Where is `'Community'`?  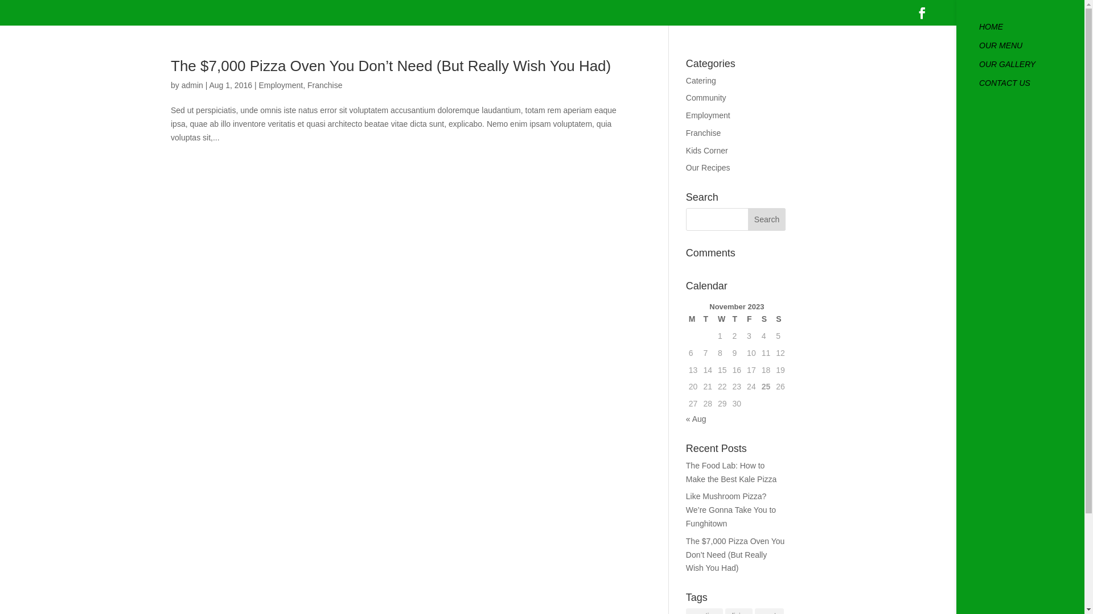 'Community' is located at coordinates (705, 97).